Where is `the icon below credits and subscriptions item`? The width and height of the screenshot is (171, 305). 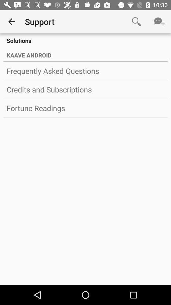
the icon below credits and subscriptions item is located at coordinates (85, 108).